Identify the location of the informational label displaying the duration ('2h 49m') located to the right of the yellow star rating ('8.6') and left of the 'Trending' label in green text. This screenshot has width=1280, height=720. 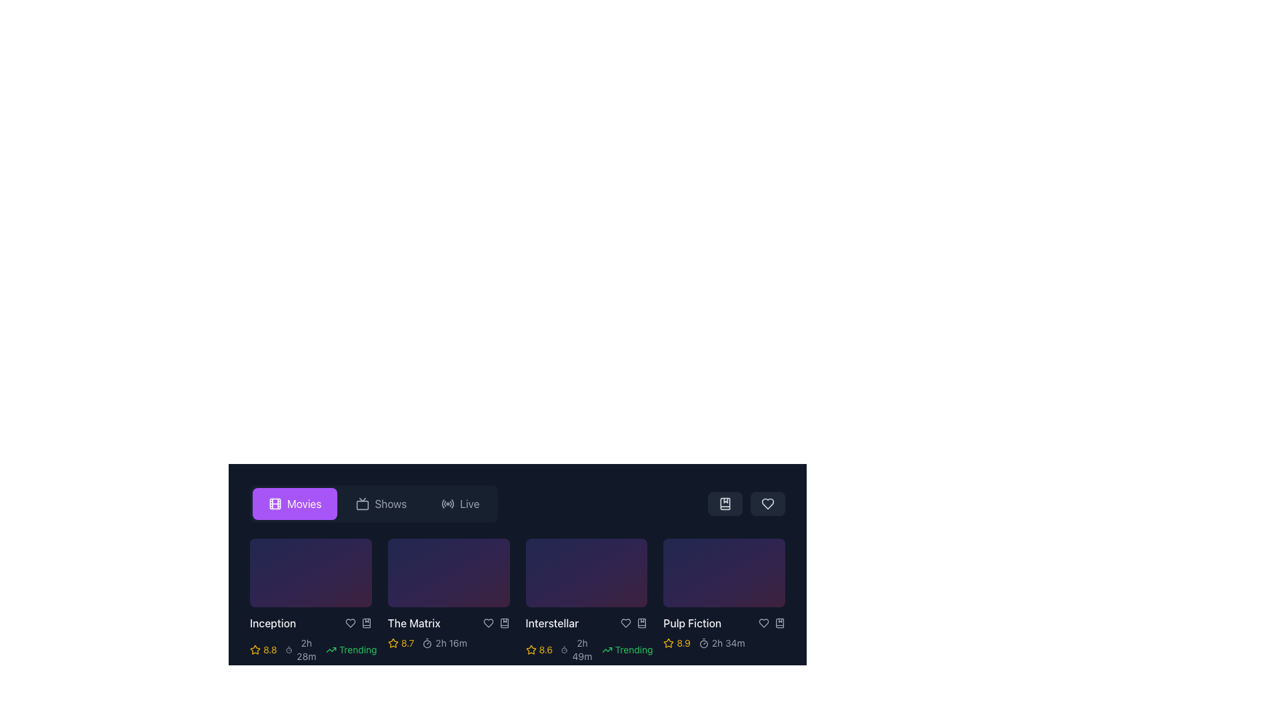
(577, 649).